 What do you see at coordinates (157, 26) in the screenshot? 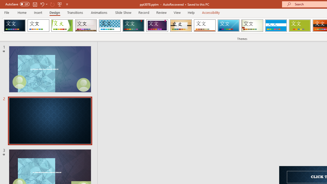
I see `'Ion Boardroom'` at bounding box center [157, 26].